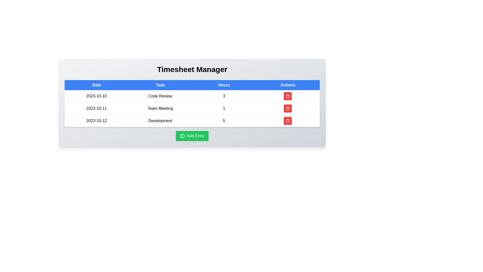  What do you see at coordinates (96, 121) in the screenshot?
I see `text displayed in the Text label showing '2023-10-12', positioned in the first column of the last row under the 'Date' header in the 'Timesheet Manager' section` at bounding box center [96, 121].